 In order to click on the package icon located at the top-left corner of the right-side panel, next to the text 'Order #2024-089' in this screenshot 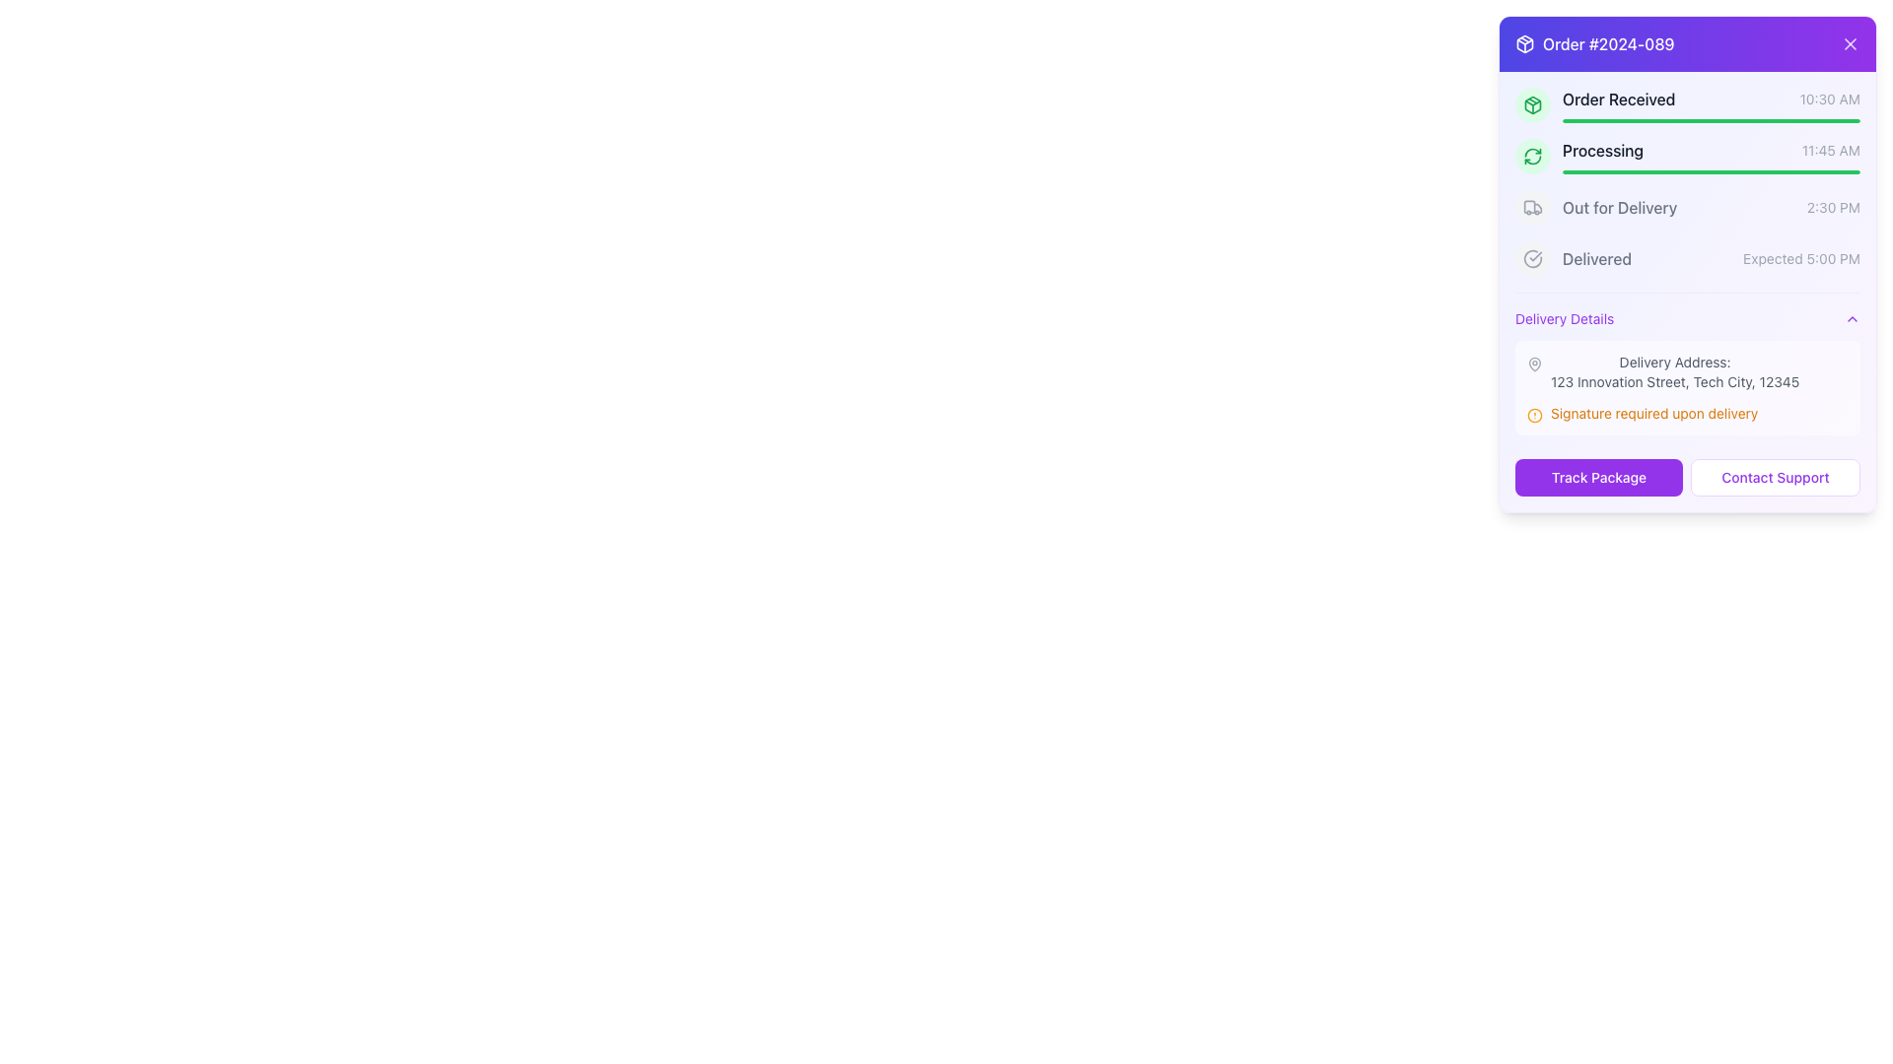, I will do `click(1532, 105)`.